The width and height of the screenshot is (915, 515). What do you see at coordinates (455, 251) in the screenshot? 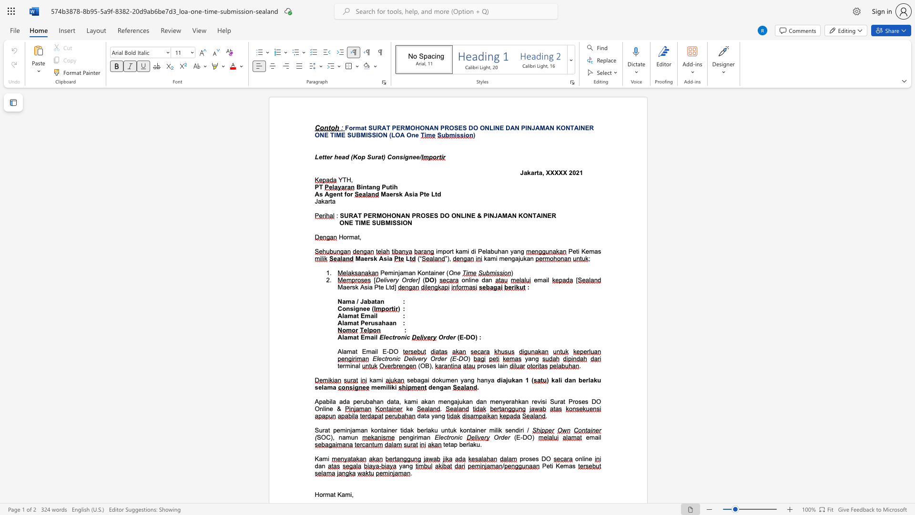
I see `the subset text "kami di Pe" within the text "import kami di Pelabuhan yang"` at bounding box center [455, 251].